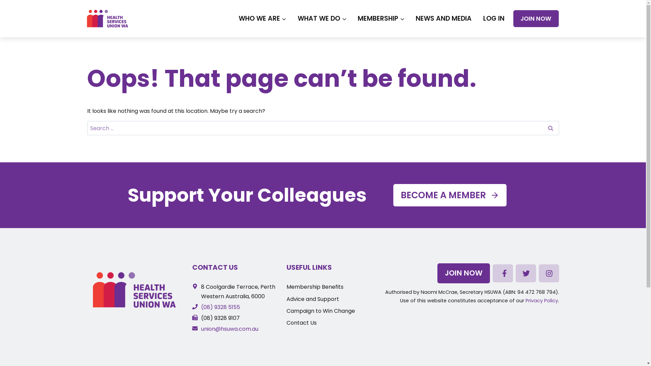 The image size is (651, 366). What do you see at coordinates (215, 267) in the screenshot?
I see `'CONTACT US'` at bounding box center [215, 267].